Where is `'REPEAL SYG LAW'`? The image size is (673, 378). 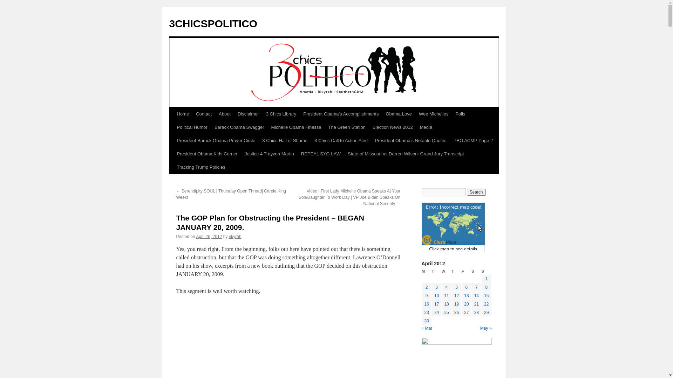
'REPEAL SYG LAW' is located at coordinates (298, 153).